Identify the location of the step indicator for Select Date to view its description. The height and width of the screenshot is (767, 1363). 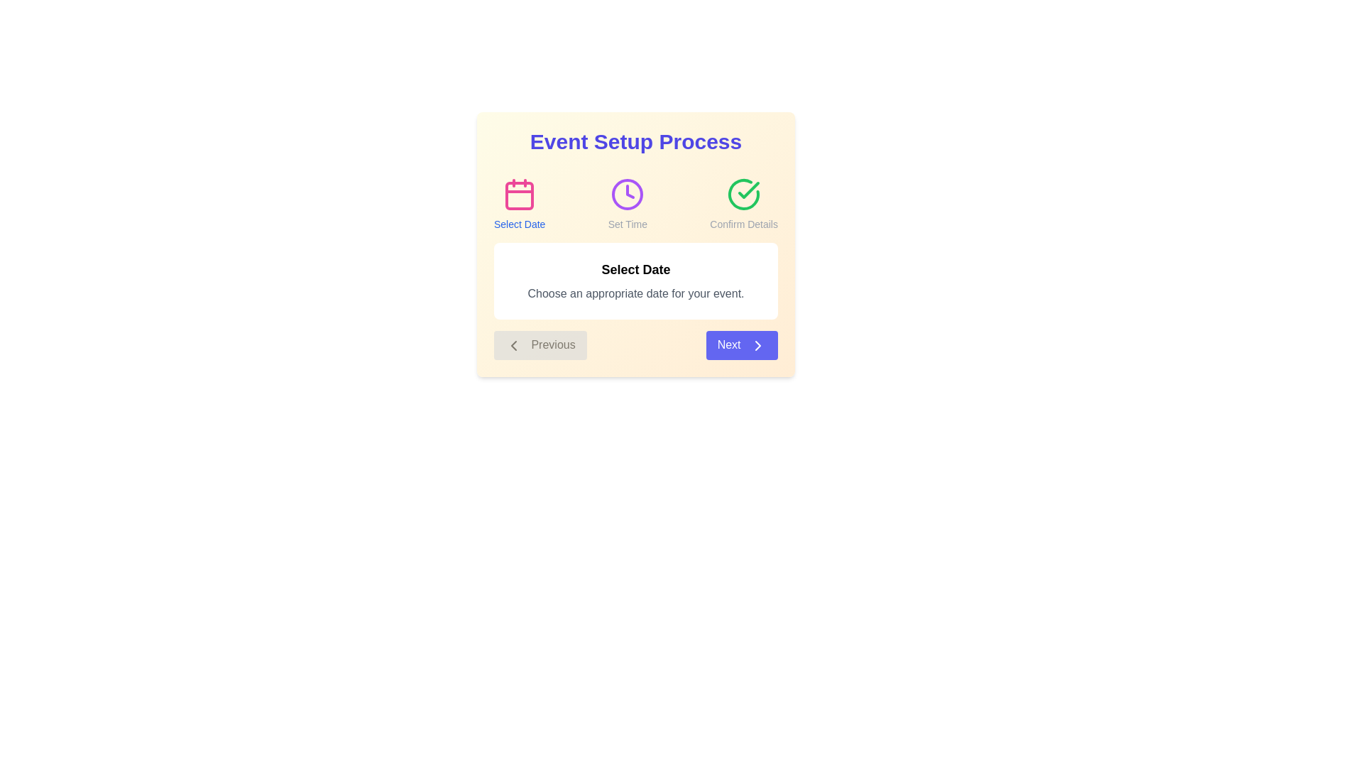
(519, 205).